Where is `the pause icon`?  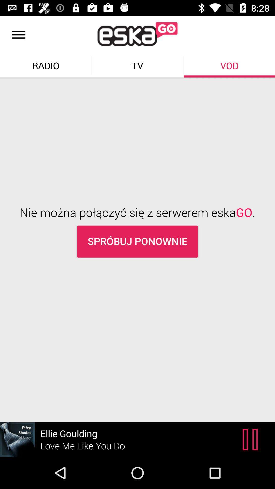
the pause icon is located at coordinates (251, 439).